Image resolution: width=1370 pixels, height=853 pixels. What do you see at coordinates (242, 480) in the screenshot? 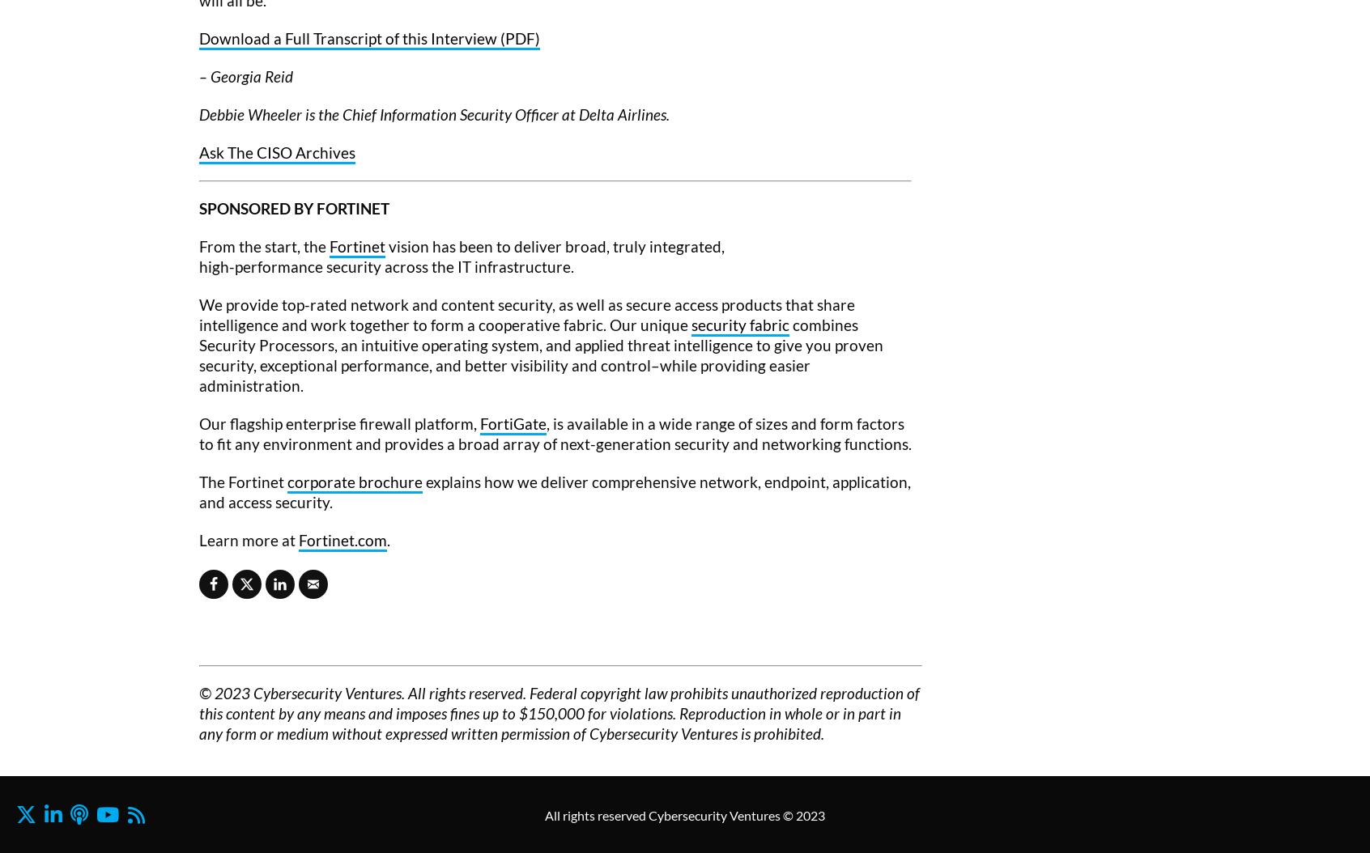
I see `'The Fortinet'` at bounding box center [242, 480].